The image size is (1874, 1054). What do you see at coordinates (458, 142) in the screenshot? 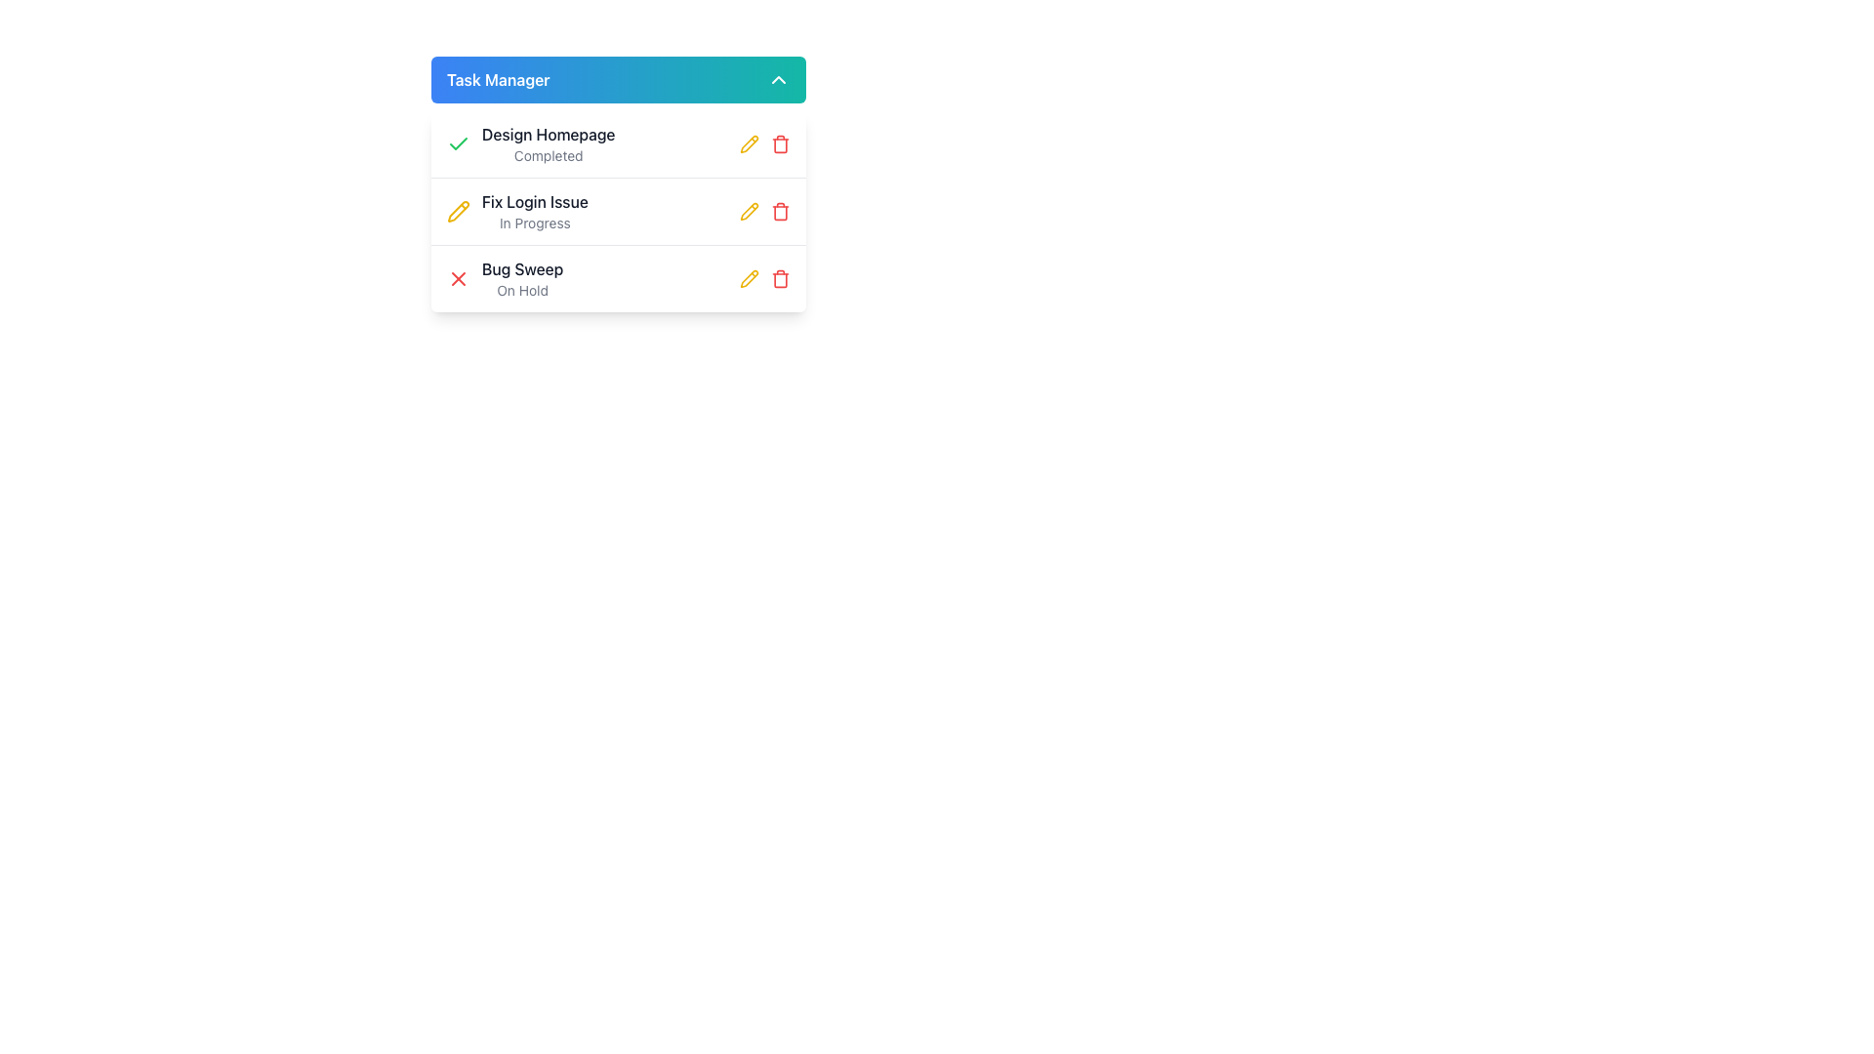
I see `the green checkmark icon located next to the 'Design Homepage' text in the task list interface` at bounding box center [458, 142].